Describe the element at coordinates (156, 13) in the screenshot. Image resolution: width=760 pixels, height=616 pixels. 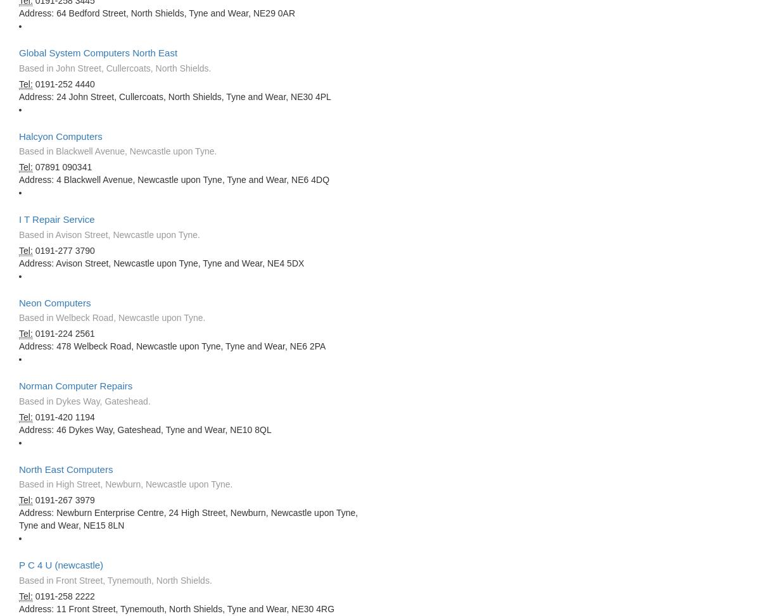
I see `'Address: 64 Bedford Street, North Shields, Tyne and Wear, NE29 0AR'` at that location.